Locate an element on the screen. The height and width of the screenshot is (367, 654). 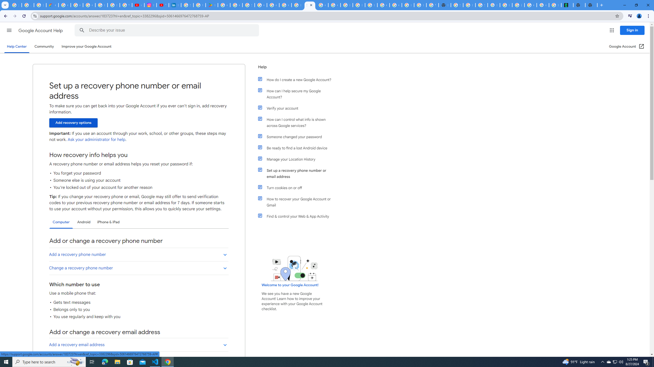
'Someone changed your password' is located at coordinates (297, 137).